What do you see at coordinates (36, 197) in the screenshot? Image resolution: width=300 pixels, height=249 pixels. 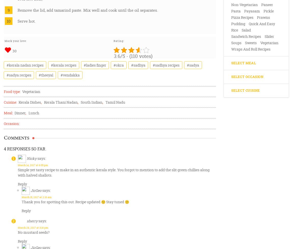 I see `'March 15, 2017 at 2:10 am'` at bounding box center [36, 197].